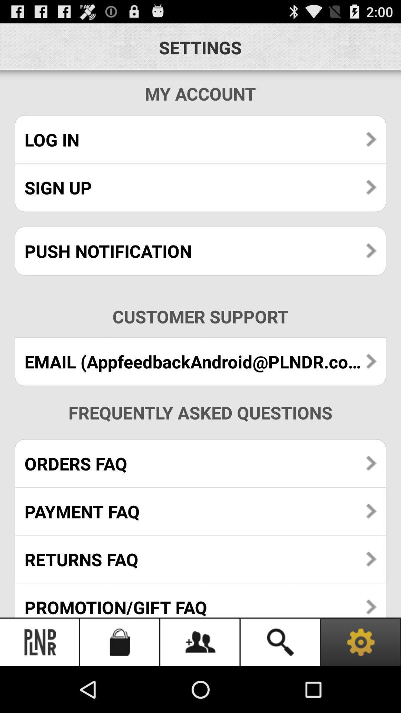 This screenshot has width=401, height=713. What do you see at coordinates (200, 511) in the screenshot?
I see `the app above returns faq` at bounding box center [200, 511].